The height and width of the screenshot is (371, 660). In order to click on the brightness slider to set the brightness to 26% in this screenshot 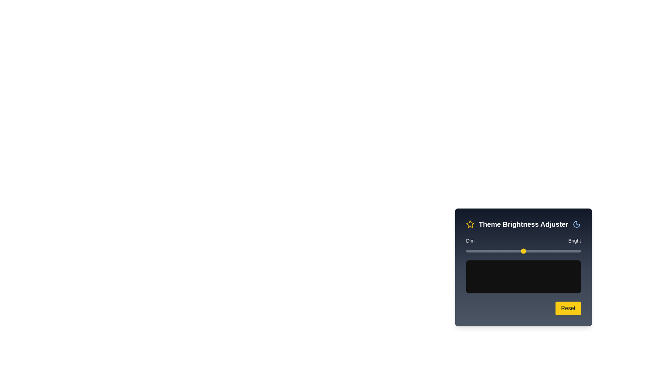, I will do `click(496, 251)`.